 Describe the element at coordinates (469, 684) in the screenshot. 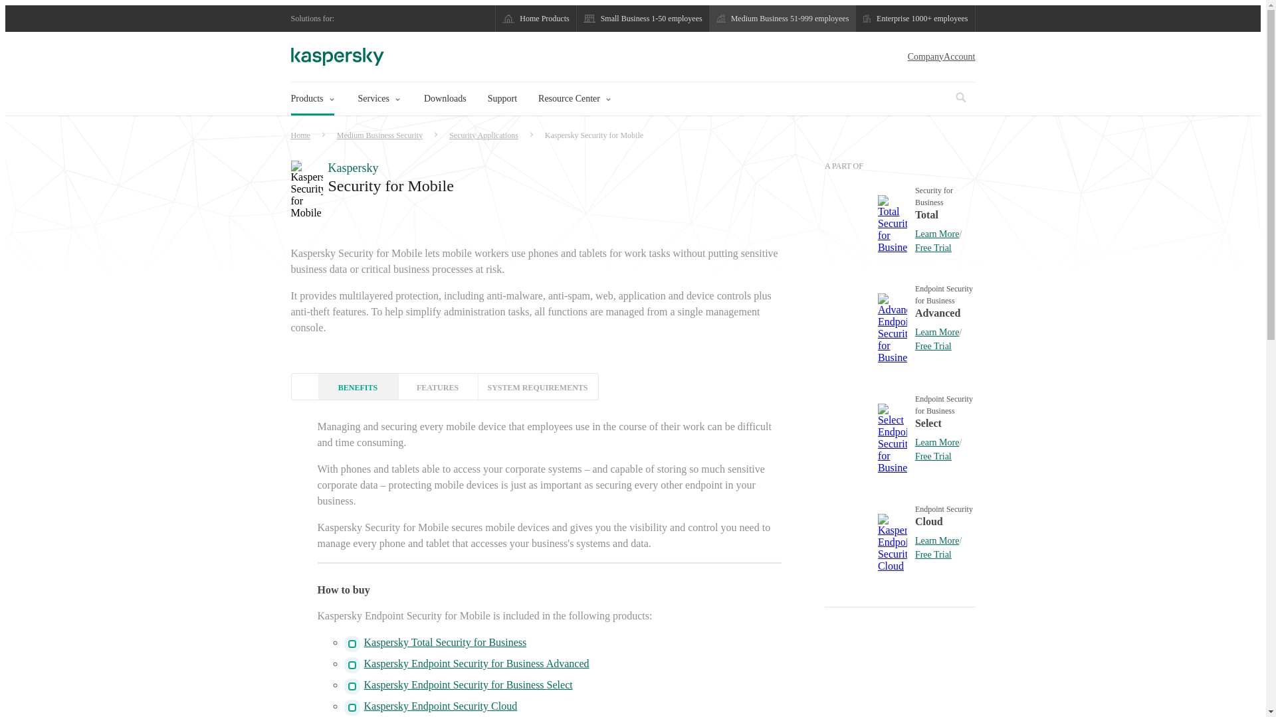

I see `'Kaspersky Endpoint Security for Business Select'` at that location.